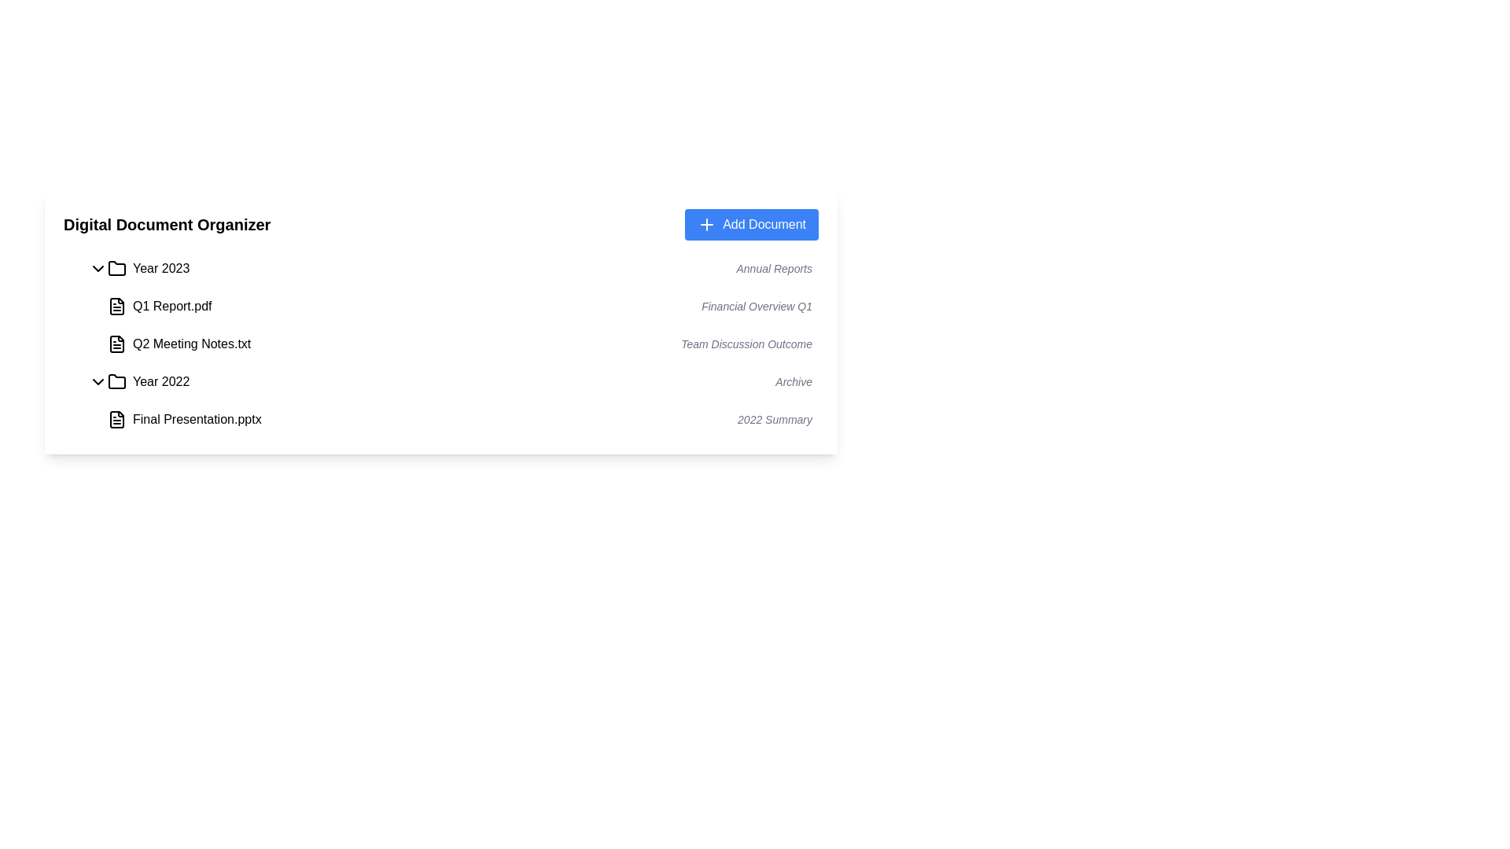  I want to click on the chevron icon toggle for the 'Year 2023 Annual Reports', so click(97, 268).